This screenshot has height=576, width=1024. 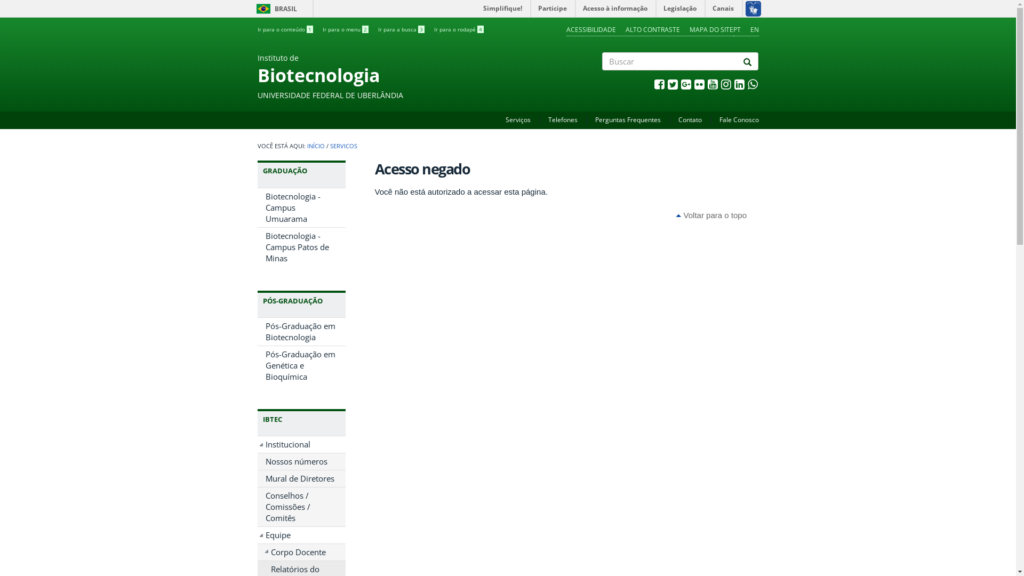 I want to click on 'Biotecnologia - Campus Patos de Minas', so click(x=300, y=247).